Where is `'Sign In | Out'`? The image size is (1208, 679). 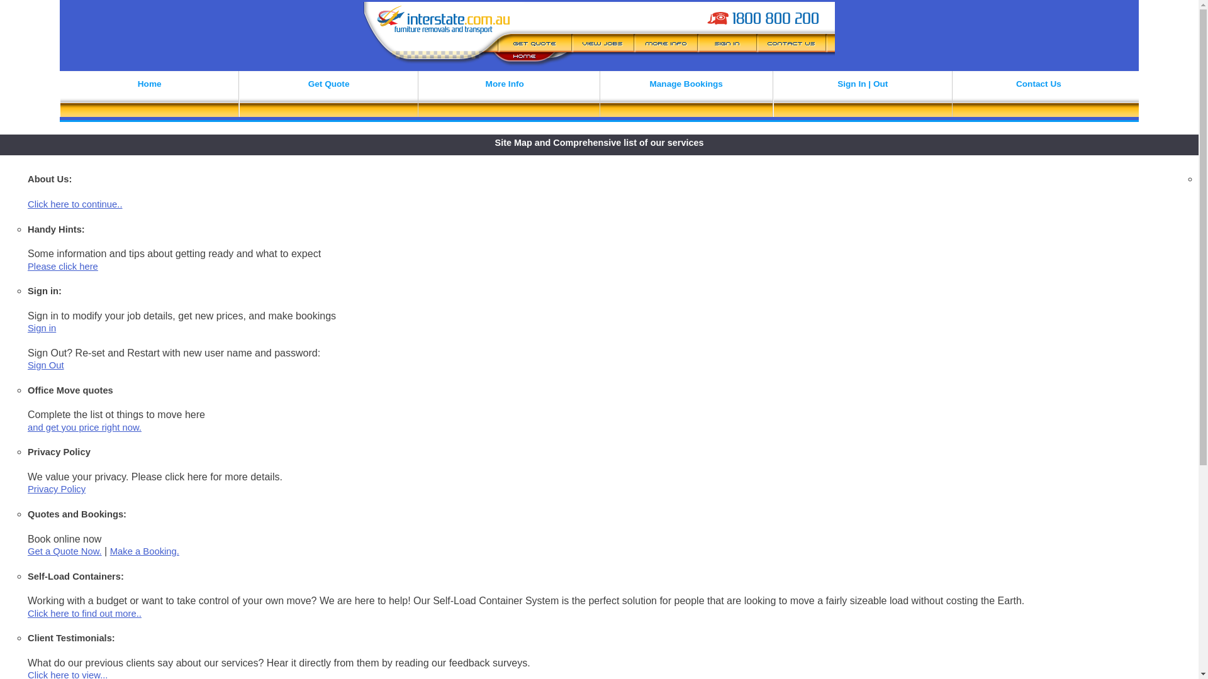
'Sign In | Out' is located at coordinates (862, 96).